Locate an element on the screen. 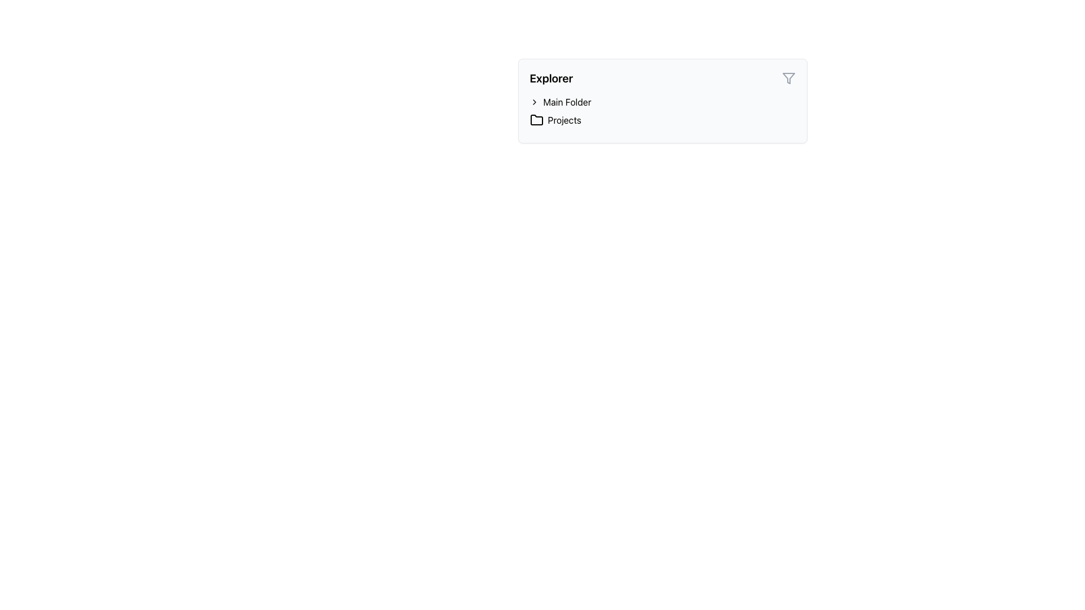 This screenshot has height=610, width=1085. the Expand/Collapse Icon located to the left of the 'Main Folder' text in the folder explorer panel is located at coordinates (533, 102).